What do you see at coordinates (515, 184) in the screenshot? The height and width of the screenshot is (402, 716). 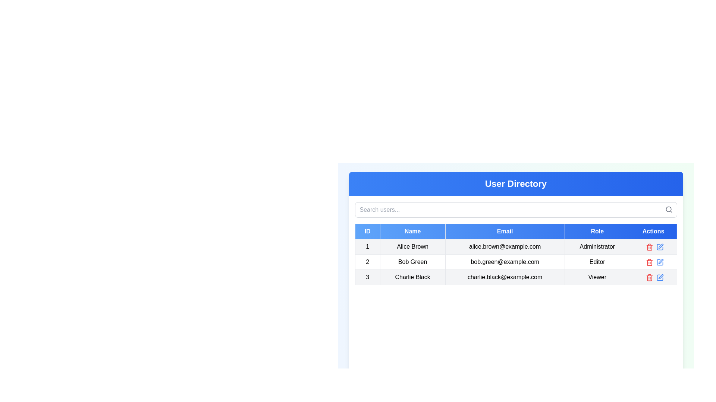 I see `the centered static text label saying 'User Directory' with a large, bold font against a gradient blue background` at bounding box center [515, 184].